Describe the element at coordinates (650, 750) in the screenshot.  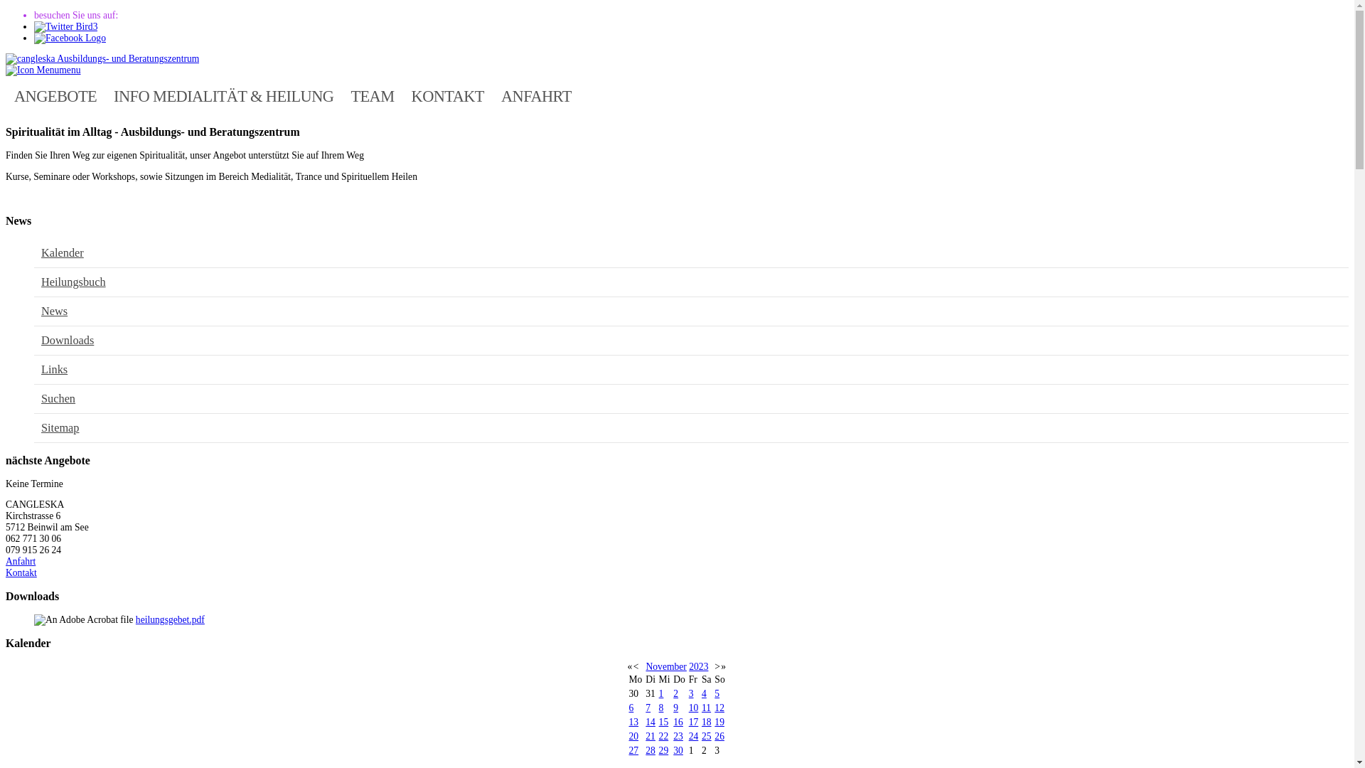
I see `'28'` at that location.